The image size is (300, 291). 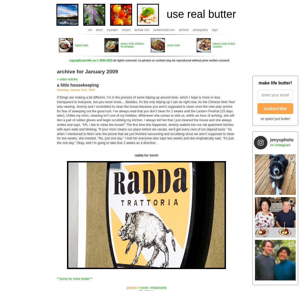 What do you see at coordinates (275, 119) in the screenshot?
I see `'no spam! just butter!'` at bounding box center [275, 119].